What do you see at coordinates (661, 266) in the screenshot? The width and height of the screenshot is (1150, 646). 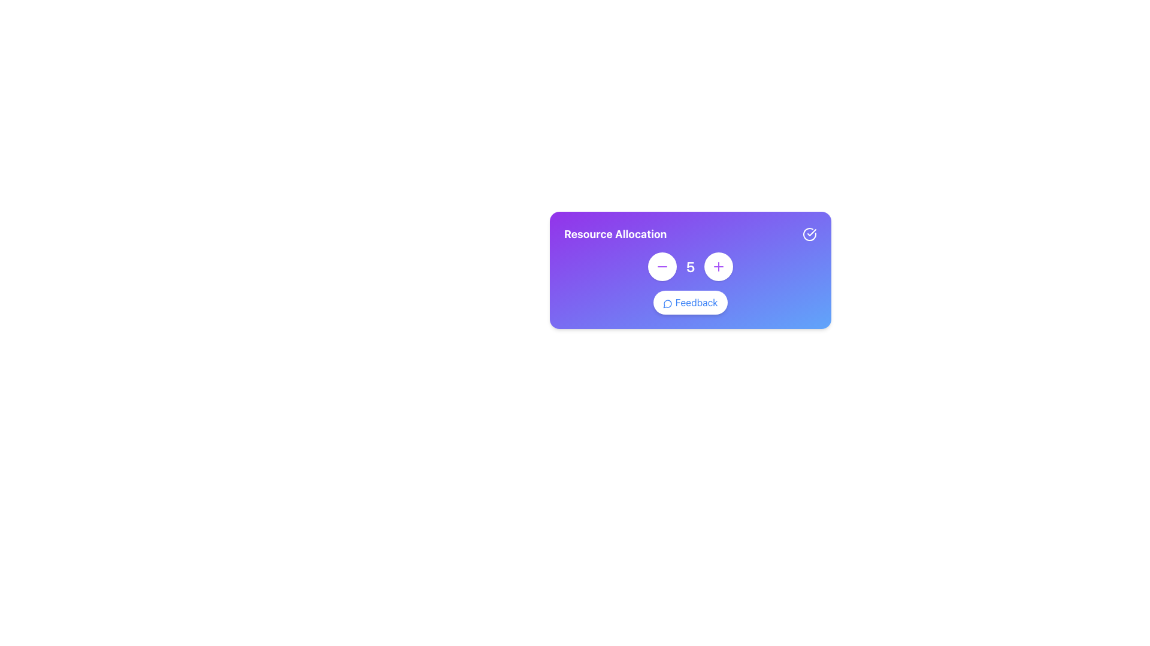 I see `the decrement button icon, which is located inside a circular purple button to the right of the numeric value '5' in the Resource Allocation interface, to reduce the associated numeric value` at bounding box center [661, 266].